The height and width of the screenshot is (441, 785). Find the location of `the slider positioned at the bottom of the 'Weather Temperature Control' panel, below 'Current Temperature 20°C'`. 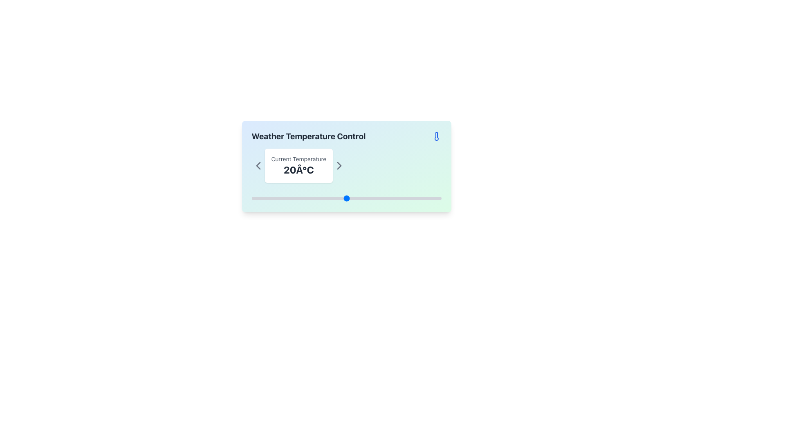

the slider positioned at the bottom of the 'Weather Temperature Control' panel, below 'Current Temperature 20°C' is located at coordinates (346, 197).